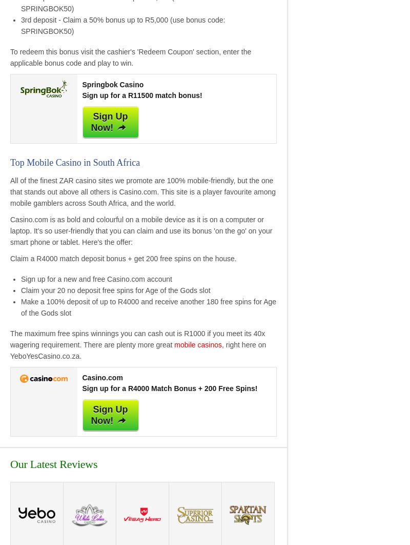  Describe the element at coordinates (53, 463) in the screenshot. I see `'Our Latest Reviews'` at that location.